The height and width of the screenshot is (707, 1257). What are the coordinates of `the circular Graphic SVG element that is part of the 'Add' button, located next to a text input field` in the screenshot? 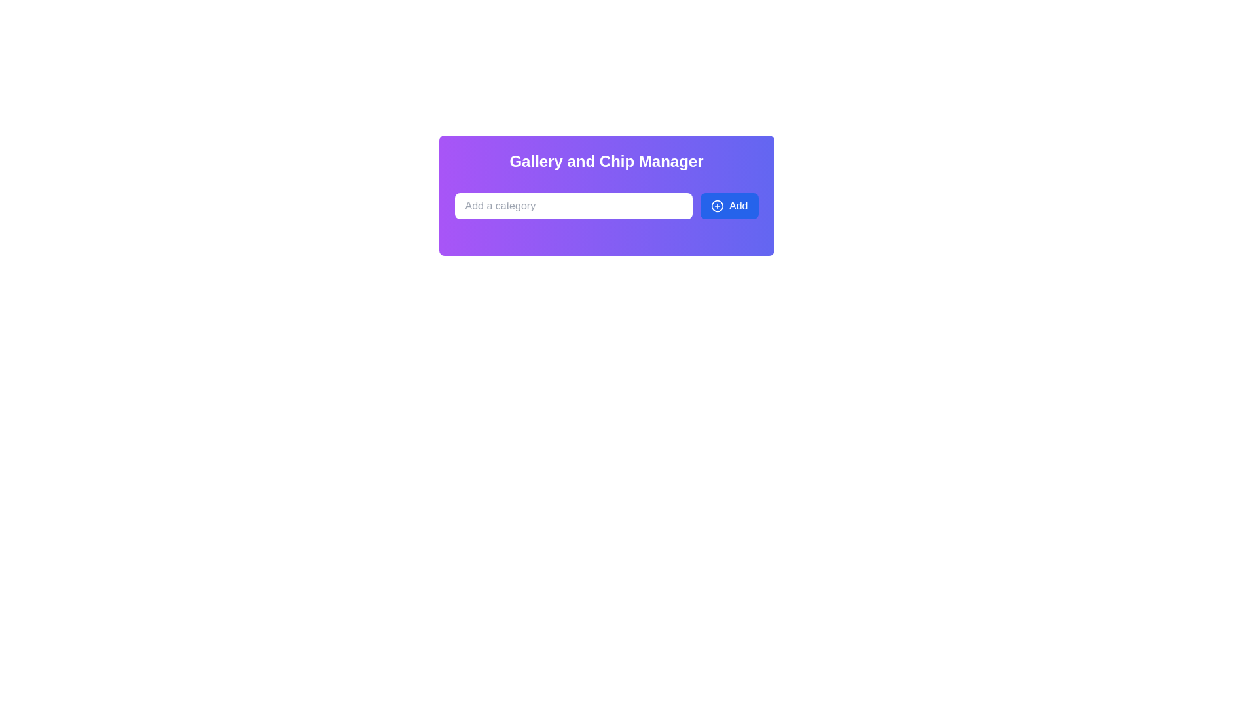 It's located at (716, 206).